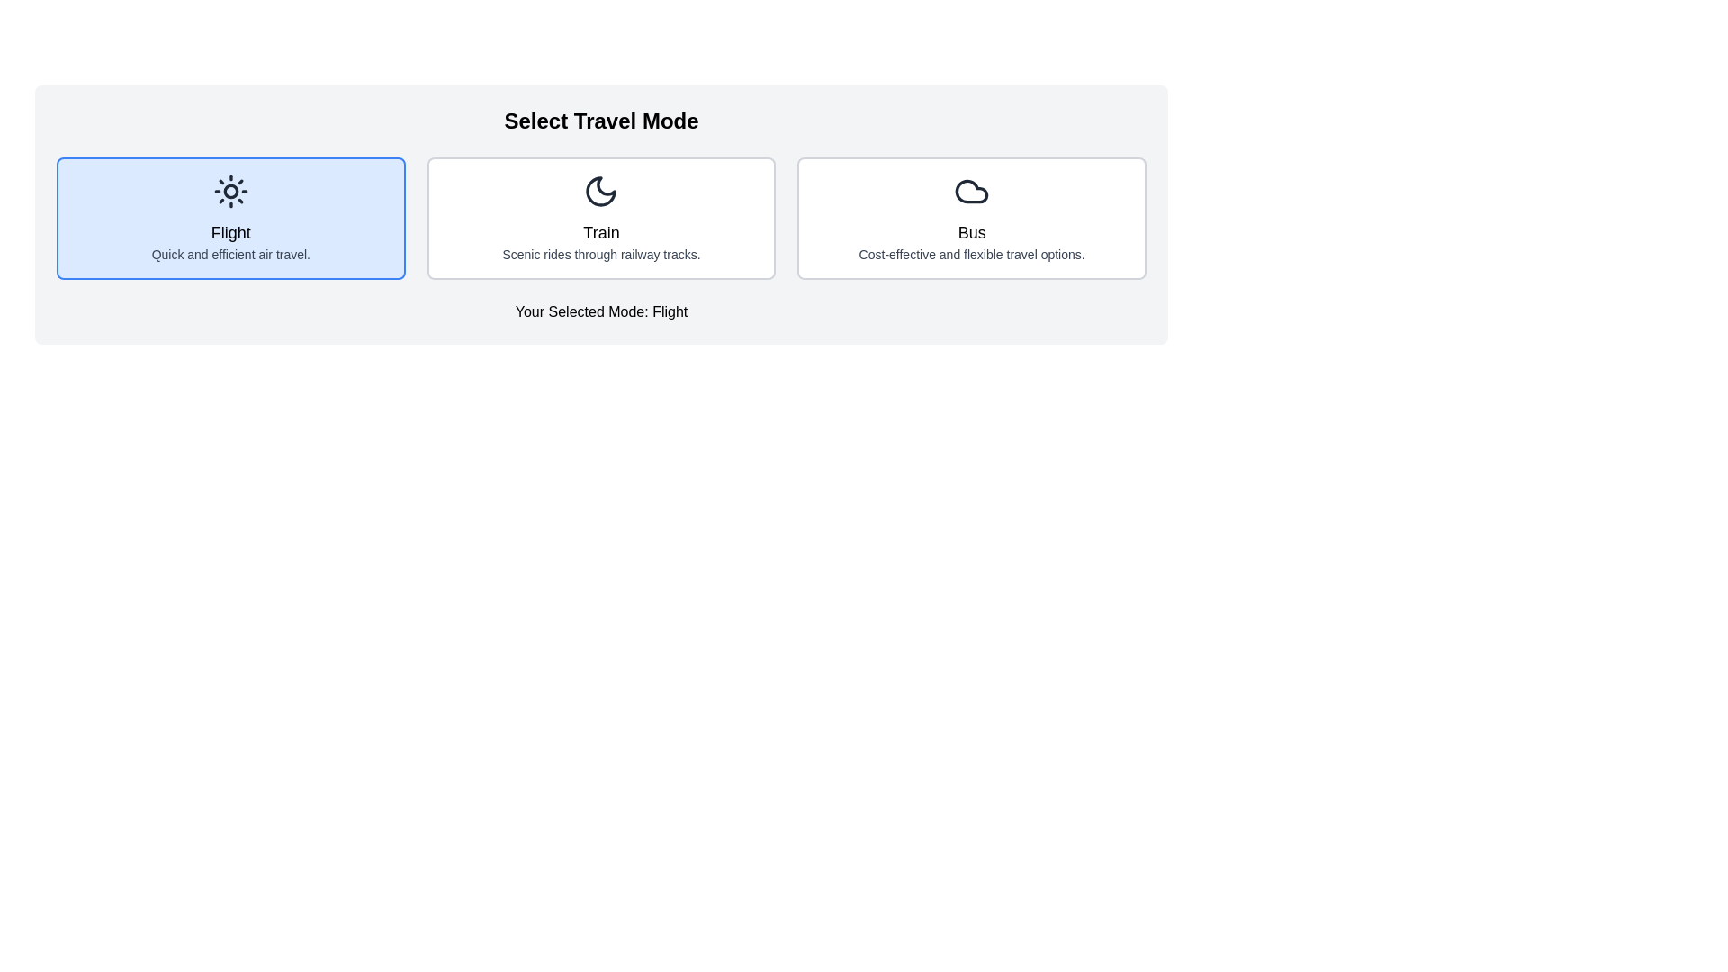 The image size is (1728, 972). What do you see at coordinates (601, 191) in the screenshot?
I see `the nighttime icon located at the top of the 'Train' card in the travel mode selection options` at bounding box center [601, 191].